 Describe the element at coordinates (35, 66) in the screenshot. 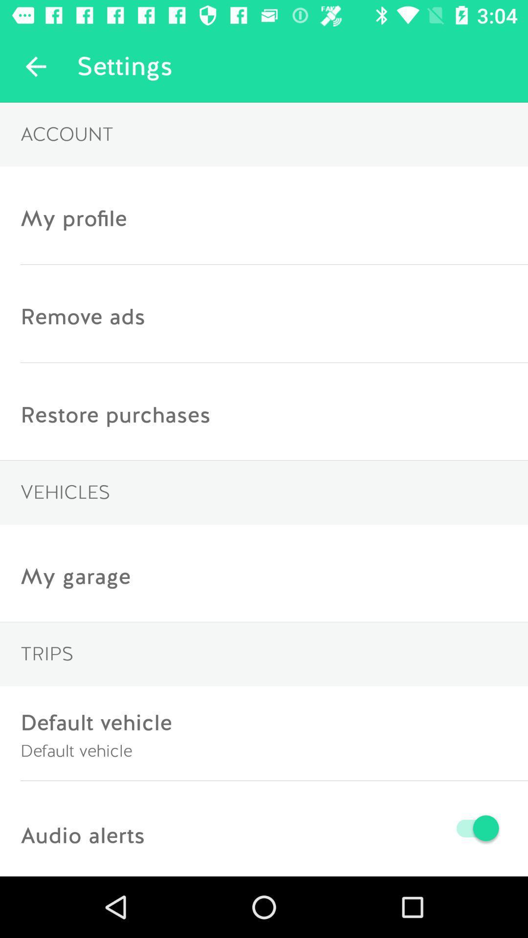

I see `icon to the left of settings icon` at that location.